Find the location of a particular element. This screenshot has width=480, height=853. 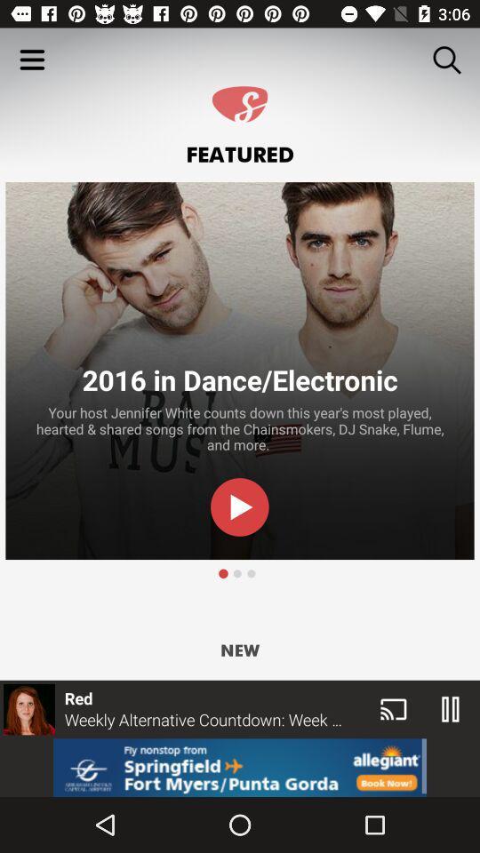

the pause icon is located at coordinates (451, 709).